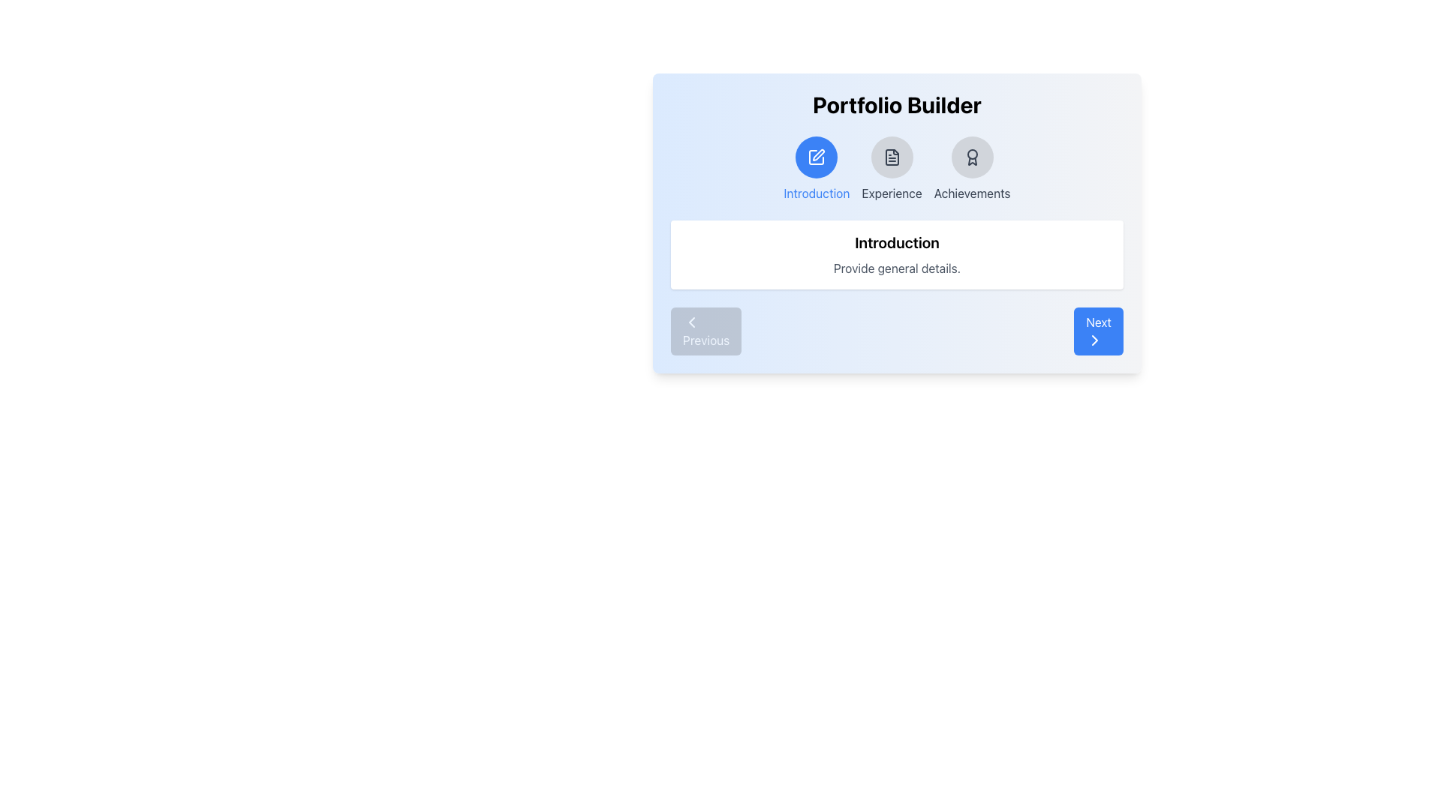  I want to click on the 'Achievements' text label, which is styled in gray and located beneath an award icon in the header navigation section of the UI, so click(972, 193).